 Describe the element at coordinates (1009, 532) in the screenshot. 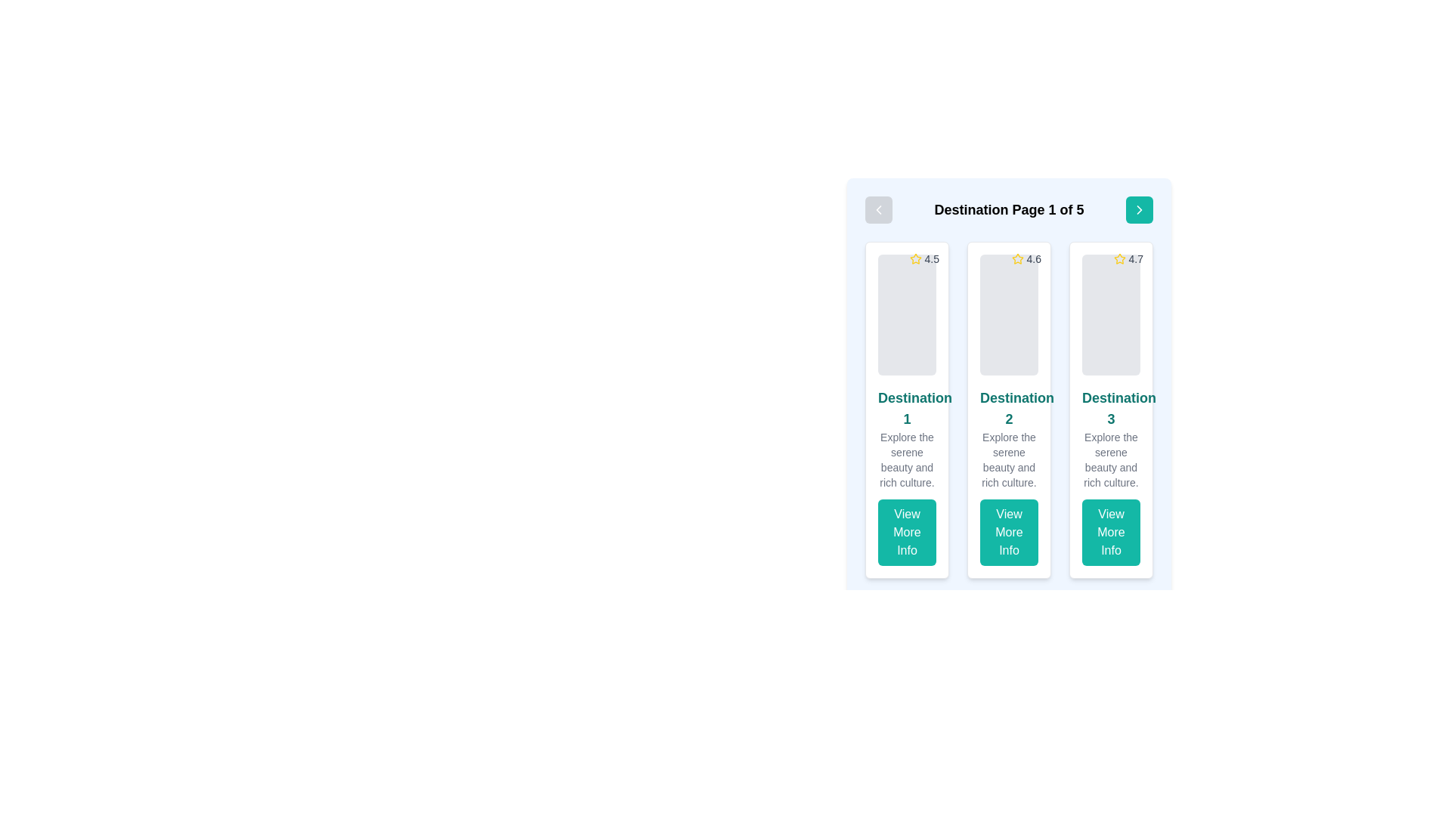

I see `the 'View More Info' button with a teal background located at the bottom of the 'Destination 2' card` at that location.